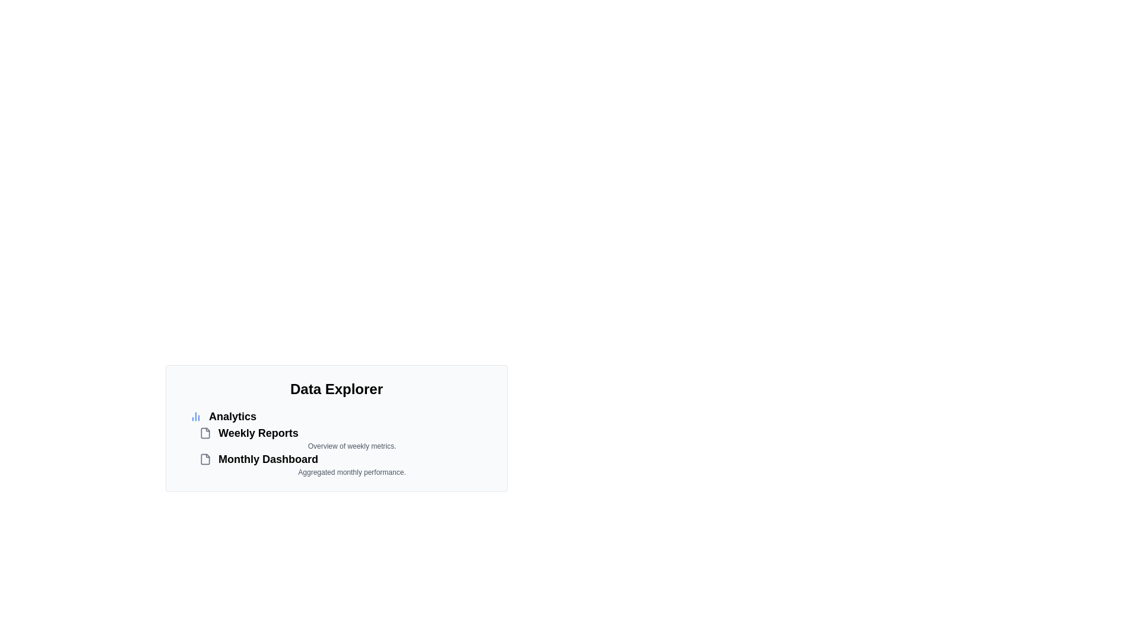  What do you see at coordinates (205, 433) in the screenshot?
I see `the file-like icon located to the left of the 'Weekly Reports' text label in the 'Data Explorer' section` at bounding box center [205, 433].